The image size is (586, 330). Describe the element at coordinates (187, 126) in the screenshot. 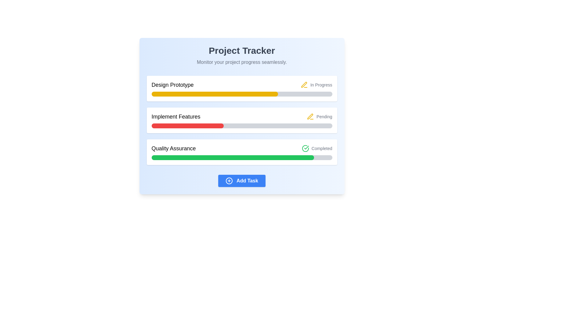

I see `the inner progress indicator of the horizontal progress bar in the 'Implement Features' section, which indicates 40% completion` at that location.